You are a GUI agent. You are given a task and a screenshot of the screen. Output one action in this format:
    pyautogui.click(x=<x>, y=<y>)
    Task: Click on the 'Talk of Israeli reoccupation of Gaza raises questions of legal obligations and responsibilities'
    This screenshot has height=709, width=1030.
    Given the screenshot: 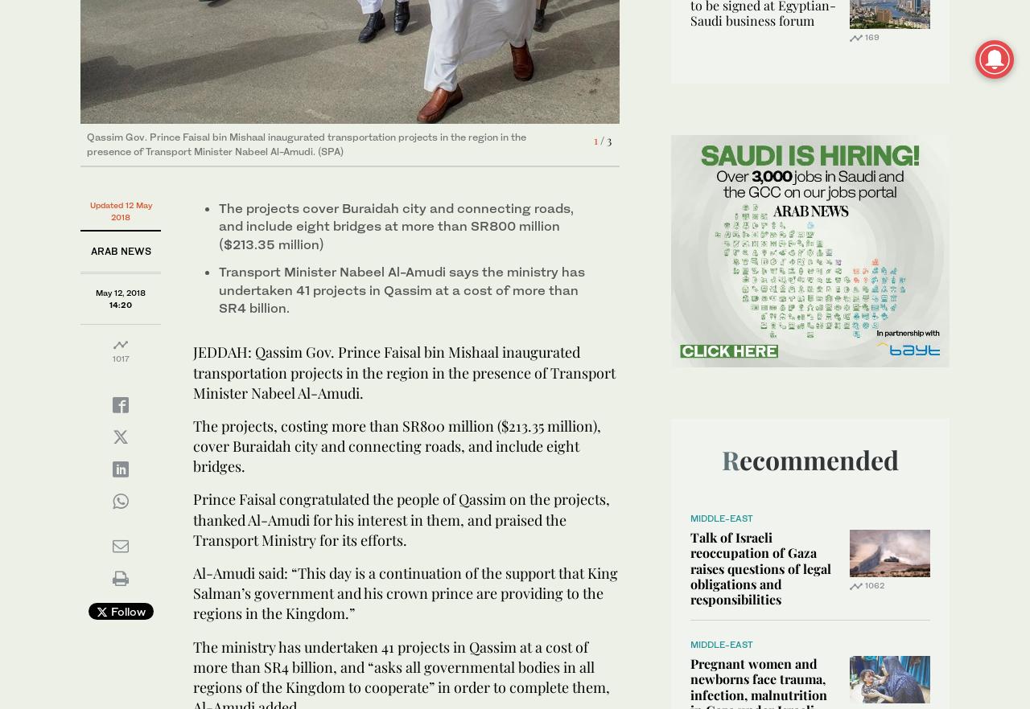 What is the action you would take?
    pyautogui.click(x=690, y=568)
    